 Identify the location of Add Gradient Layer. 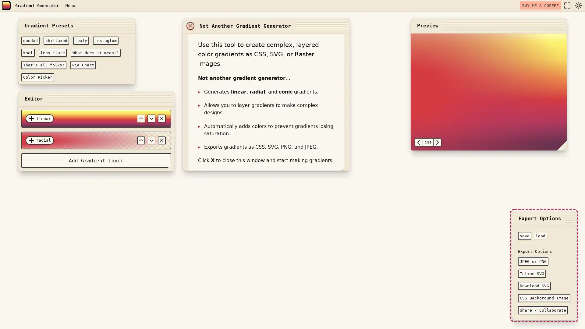
(96, 160).